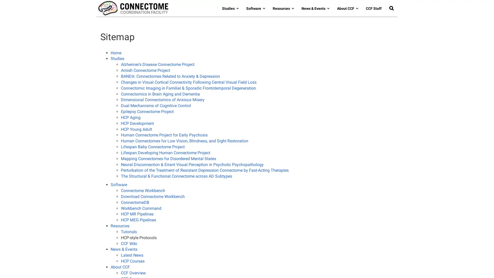  What do you see at coordinates (255, 10) in the screenshot?
I see `Software` at bounding box center [255, 10].